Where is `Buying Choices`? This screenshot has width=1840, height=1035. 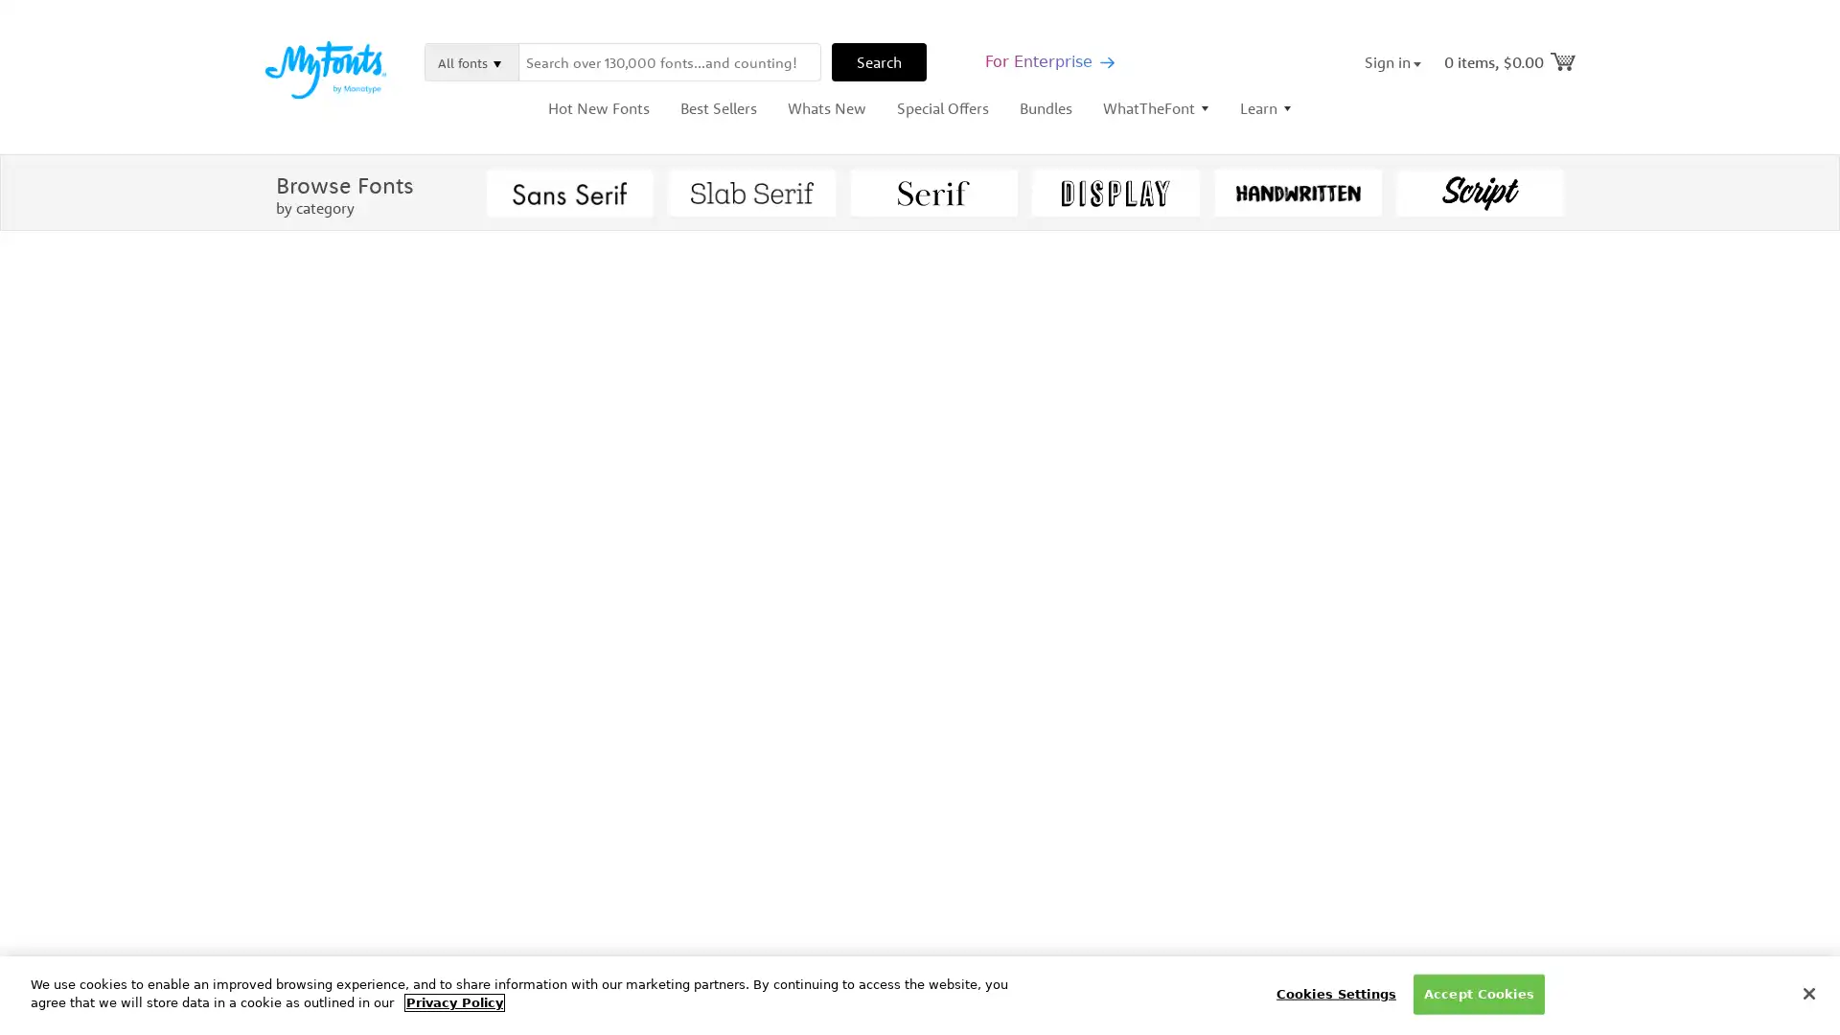
Buying Choices is located at coordinates (1210, 783).